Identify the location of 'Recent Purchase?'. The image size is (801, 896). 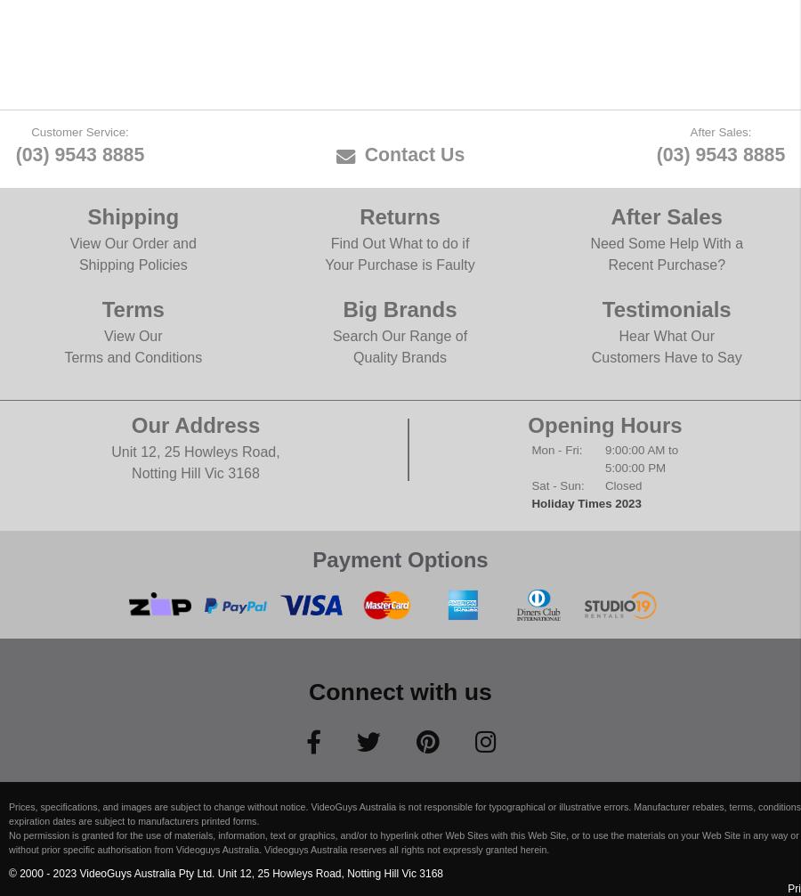
(665, 263).